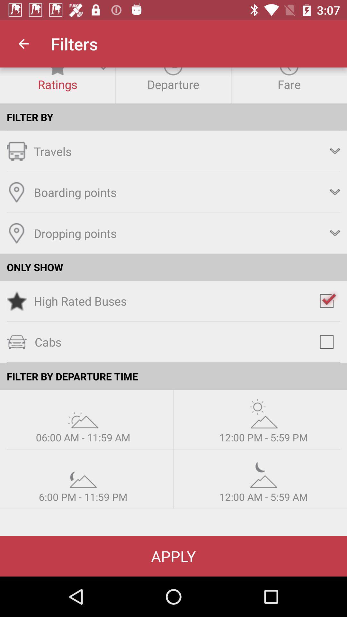 This screenshot has height=617, width=347. I want to click on filter by departure time option, so click(263, 473).